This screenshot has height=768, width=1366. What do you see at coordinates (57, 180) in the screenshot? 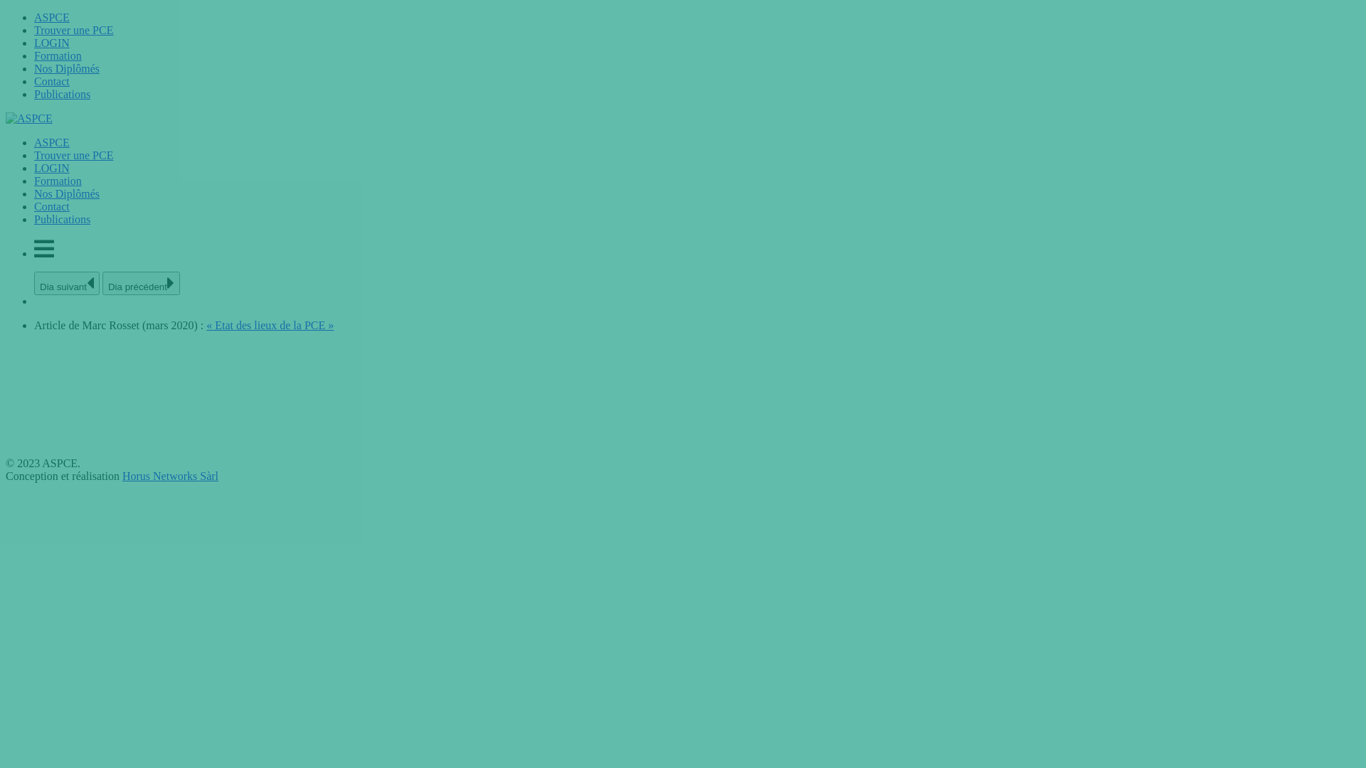
I see `'Formation'` at bounding box center [57, 180].